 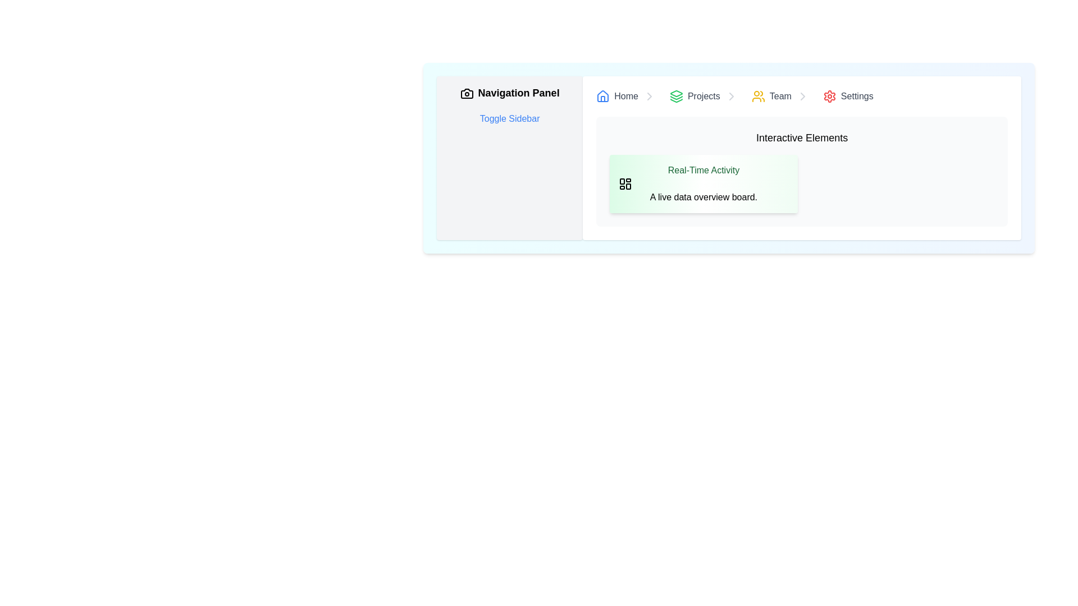 What do you see at coordinates (509, 158) in the screenshot?
I see `the 'Toggle Sidebar' hyperlink located within the 'Navigation Panel' on the leftmost side of the interface` at bounding box center [509, 158].